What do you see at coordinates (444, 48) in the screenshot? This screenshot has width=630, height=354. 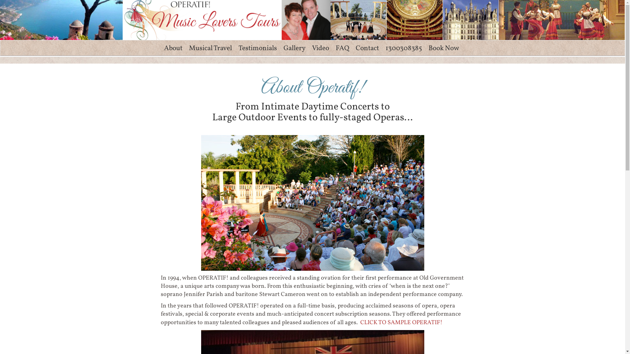 I see `'Book Now'` at bounding box center [444, 48].